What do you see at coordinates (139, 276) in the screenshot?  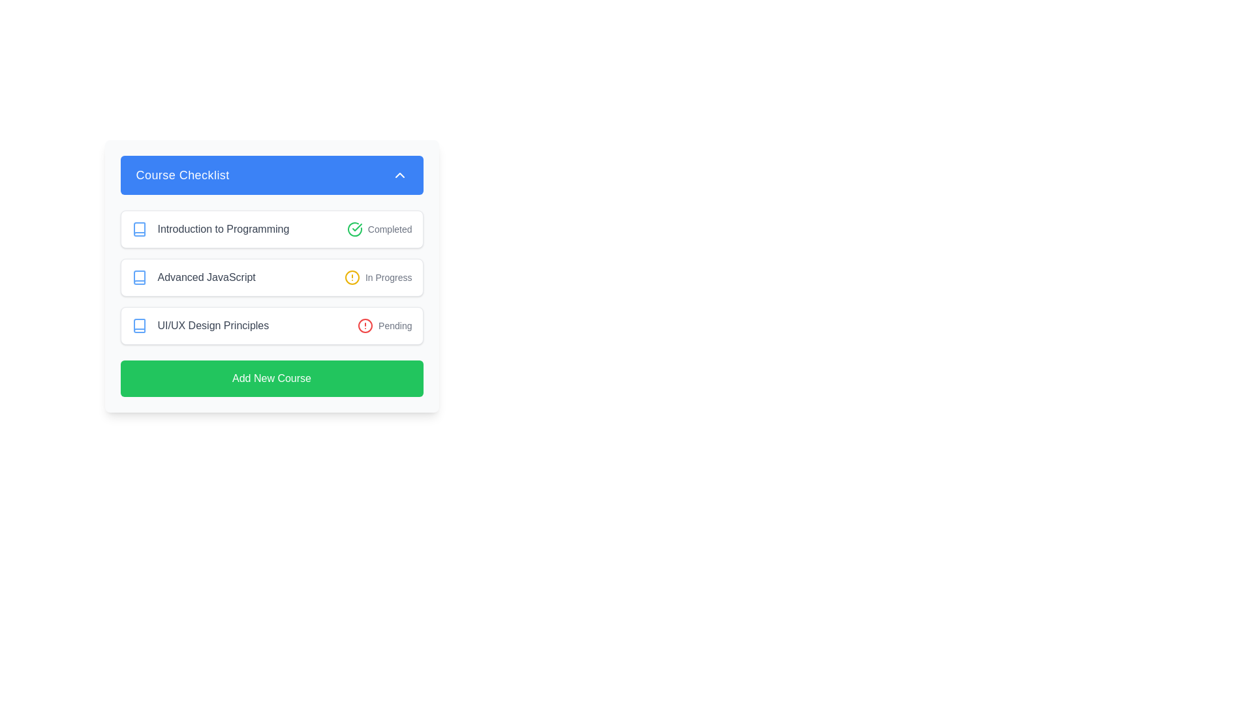 I see `the icon representing the 'Advanced JavaScript' course in the checklist by clicking on it` at bounding box center [139, 276].